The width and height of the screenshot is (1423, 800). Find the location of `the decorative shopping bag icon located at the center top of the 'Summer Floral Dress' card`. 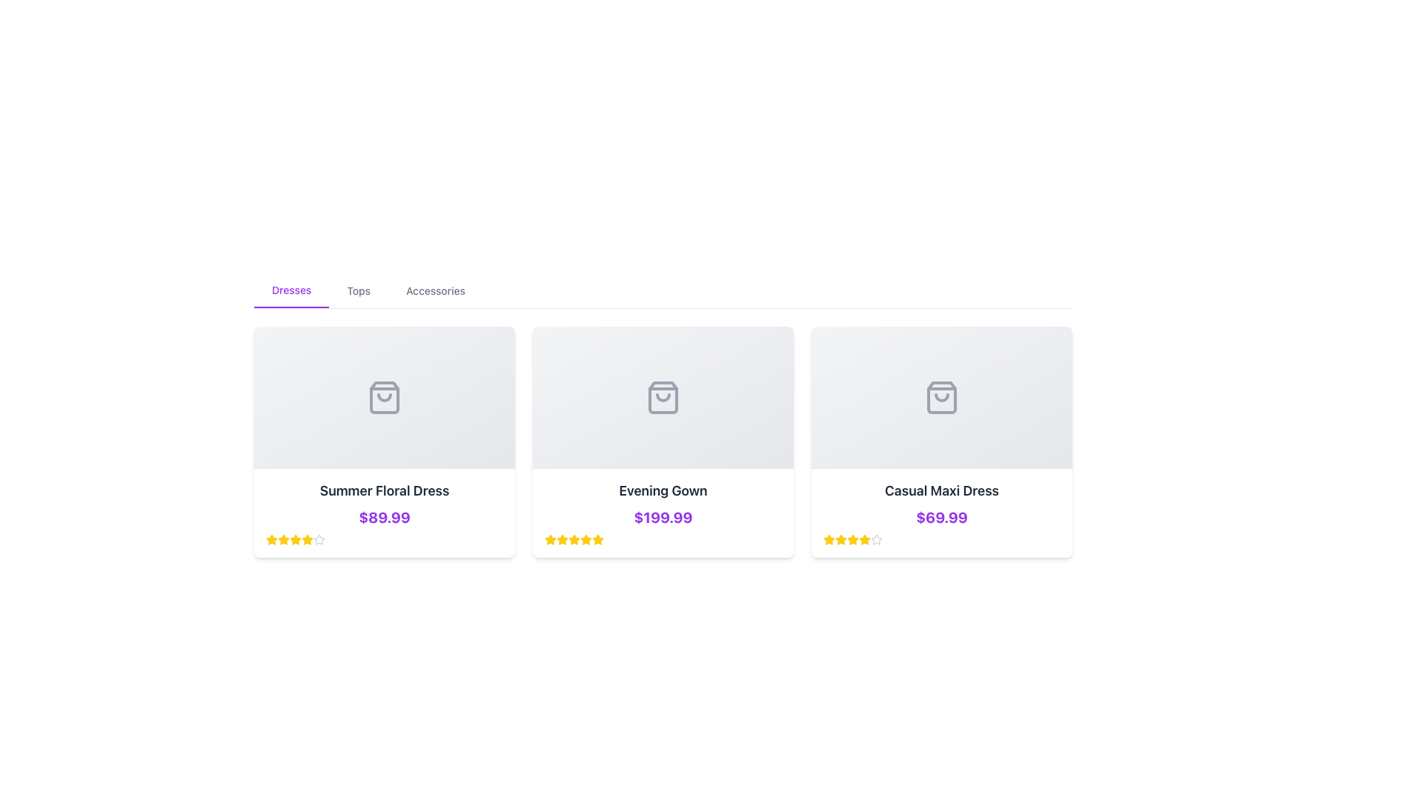

the decorative shopping bag icon located at the center top of the 'Summer Floral Dress' card is located at coordinates (384, 396).